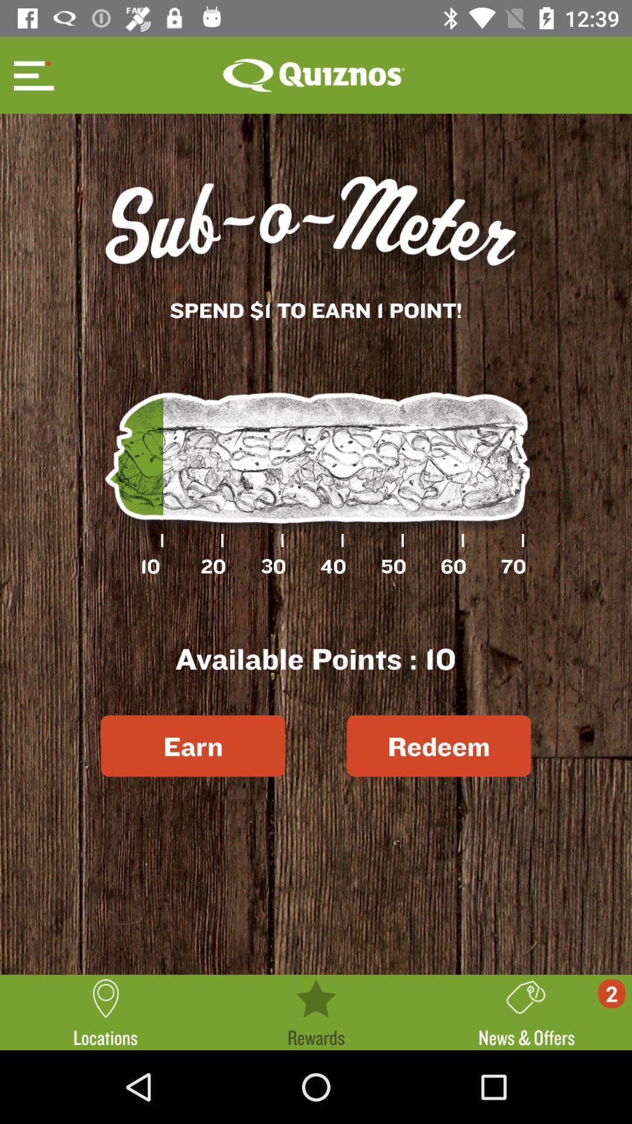 The height and width of the screenshot is (1124, 632). What do you see at coordinates (32, 74) in the screenshot?
I see `open options` at bounding box center [32, 74].